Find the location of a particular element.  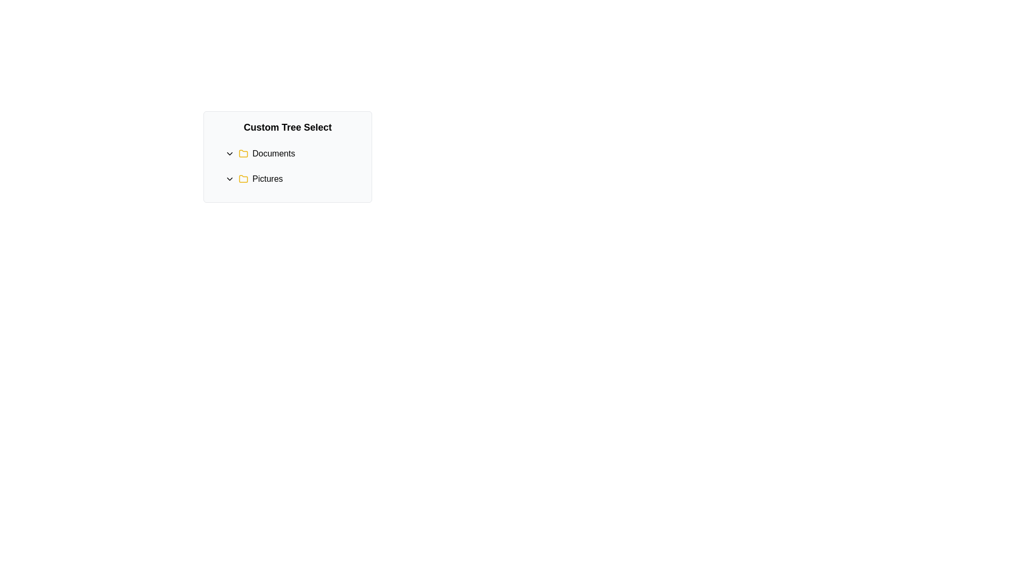

the folder icon that represents the 'Pictures' section in the file hierarchy, located directly below the 'Documents' folder icon is located at coordinates (242, 178).